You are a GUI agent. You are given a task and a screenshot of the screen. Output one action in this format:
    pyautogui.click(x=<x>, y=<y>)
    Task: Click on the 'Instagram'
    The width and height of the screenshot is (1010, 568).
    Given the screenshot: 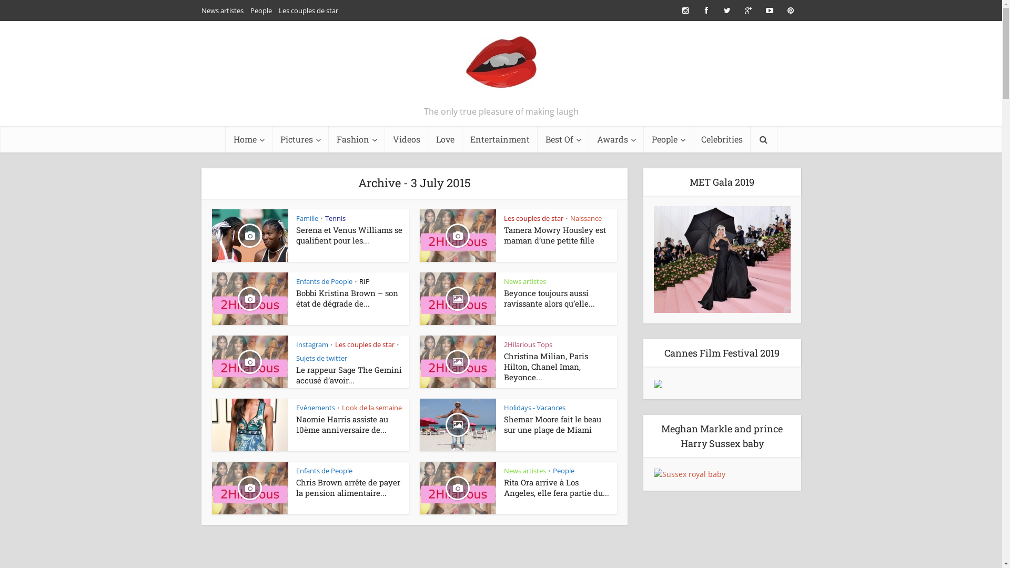 What is the action you would take?
    pyautogui.click(x=311, y=344)
    